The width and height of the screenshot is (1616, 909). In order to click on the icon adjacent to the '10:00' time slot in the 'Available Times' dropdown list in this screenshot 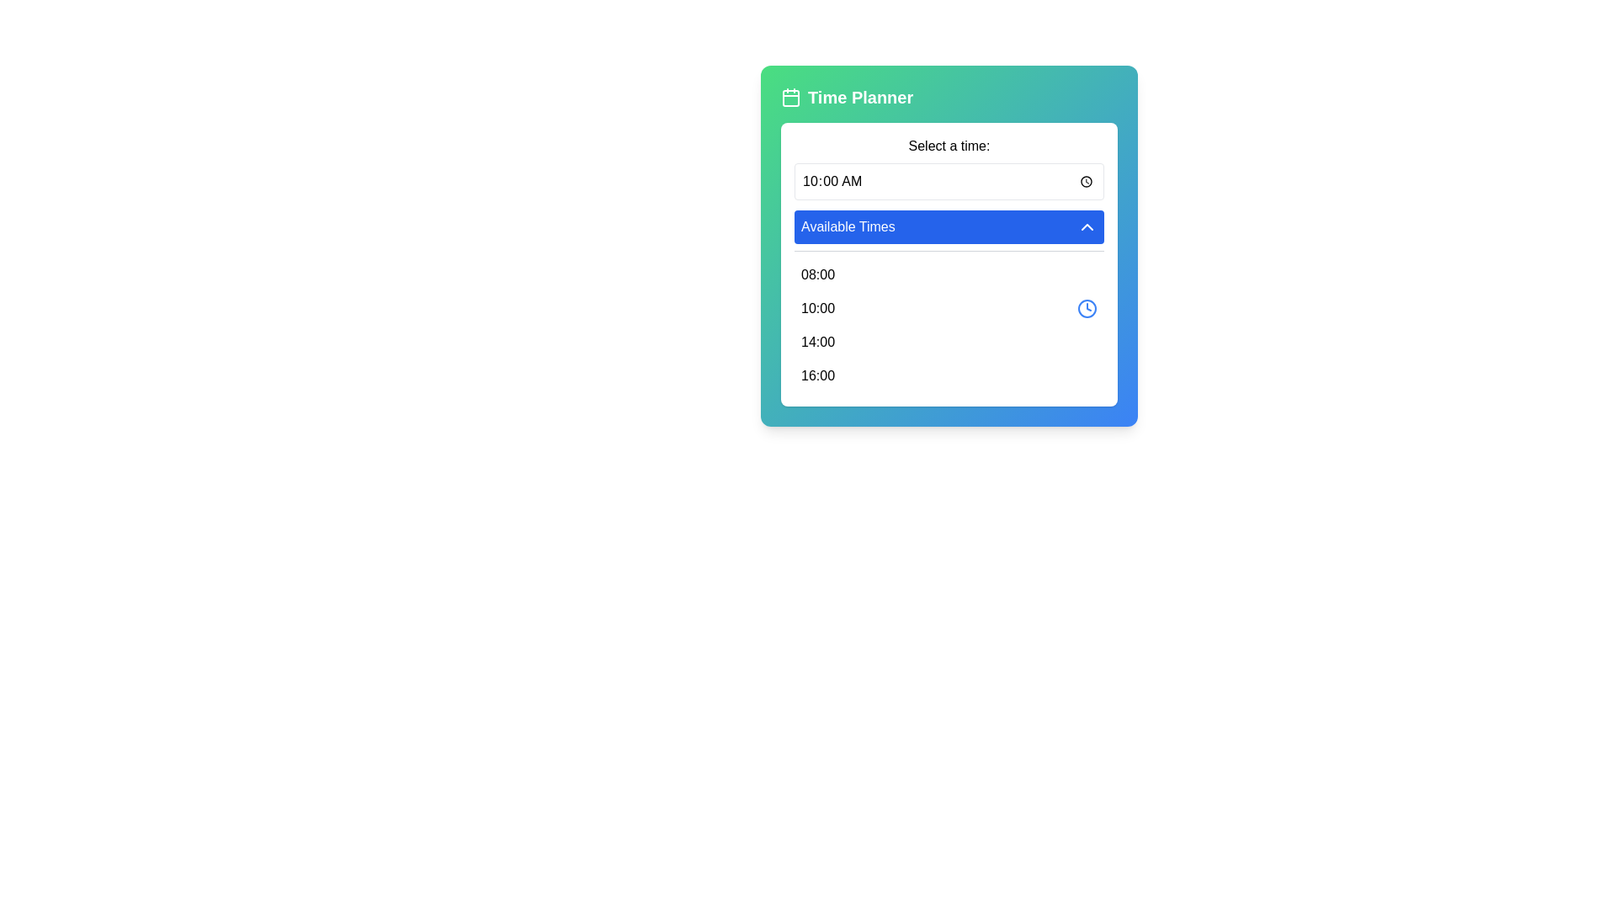, I will do `click(1087, 308)`.